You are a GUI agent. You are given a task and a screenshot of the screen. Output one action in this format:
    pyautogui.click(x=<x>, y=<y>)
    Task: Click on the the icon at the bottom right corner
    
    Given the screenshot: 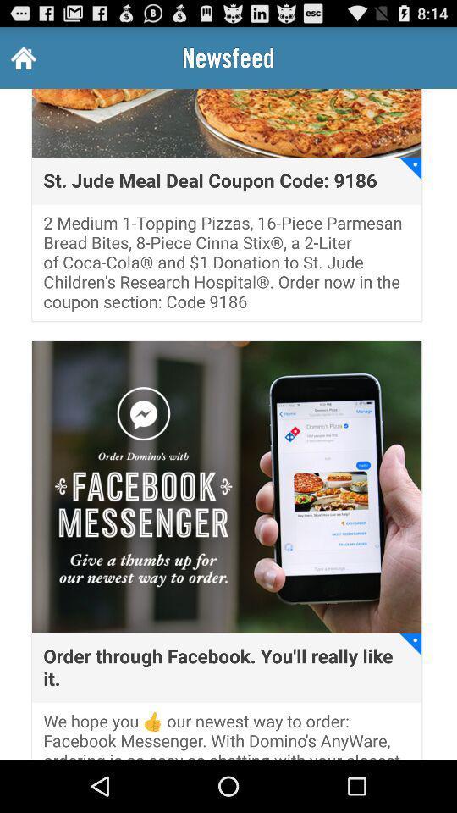 What is the action you would take?
    pyautogui.click(x=410, y=643)
    